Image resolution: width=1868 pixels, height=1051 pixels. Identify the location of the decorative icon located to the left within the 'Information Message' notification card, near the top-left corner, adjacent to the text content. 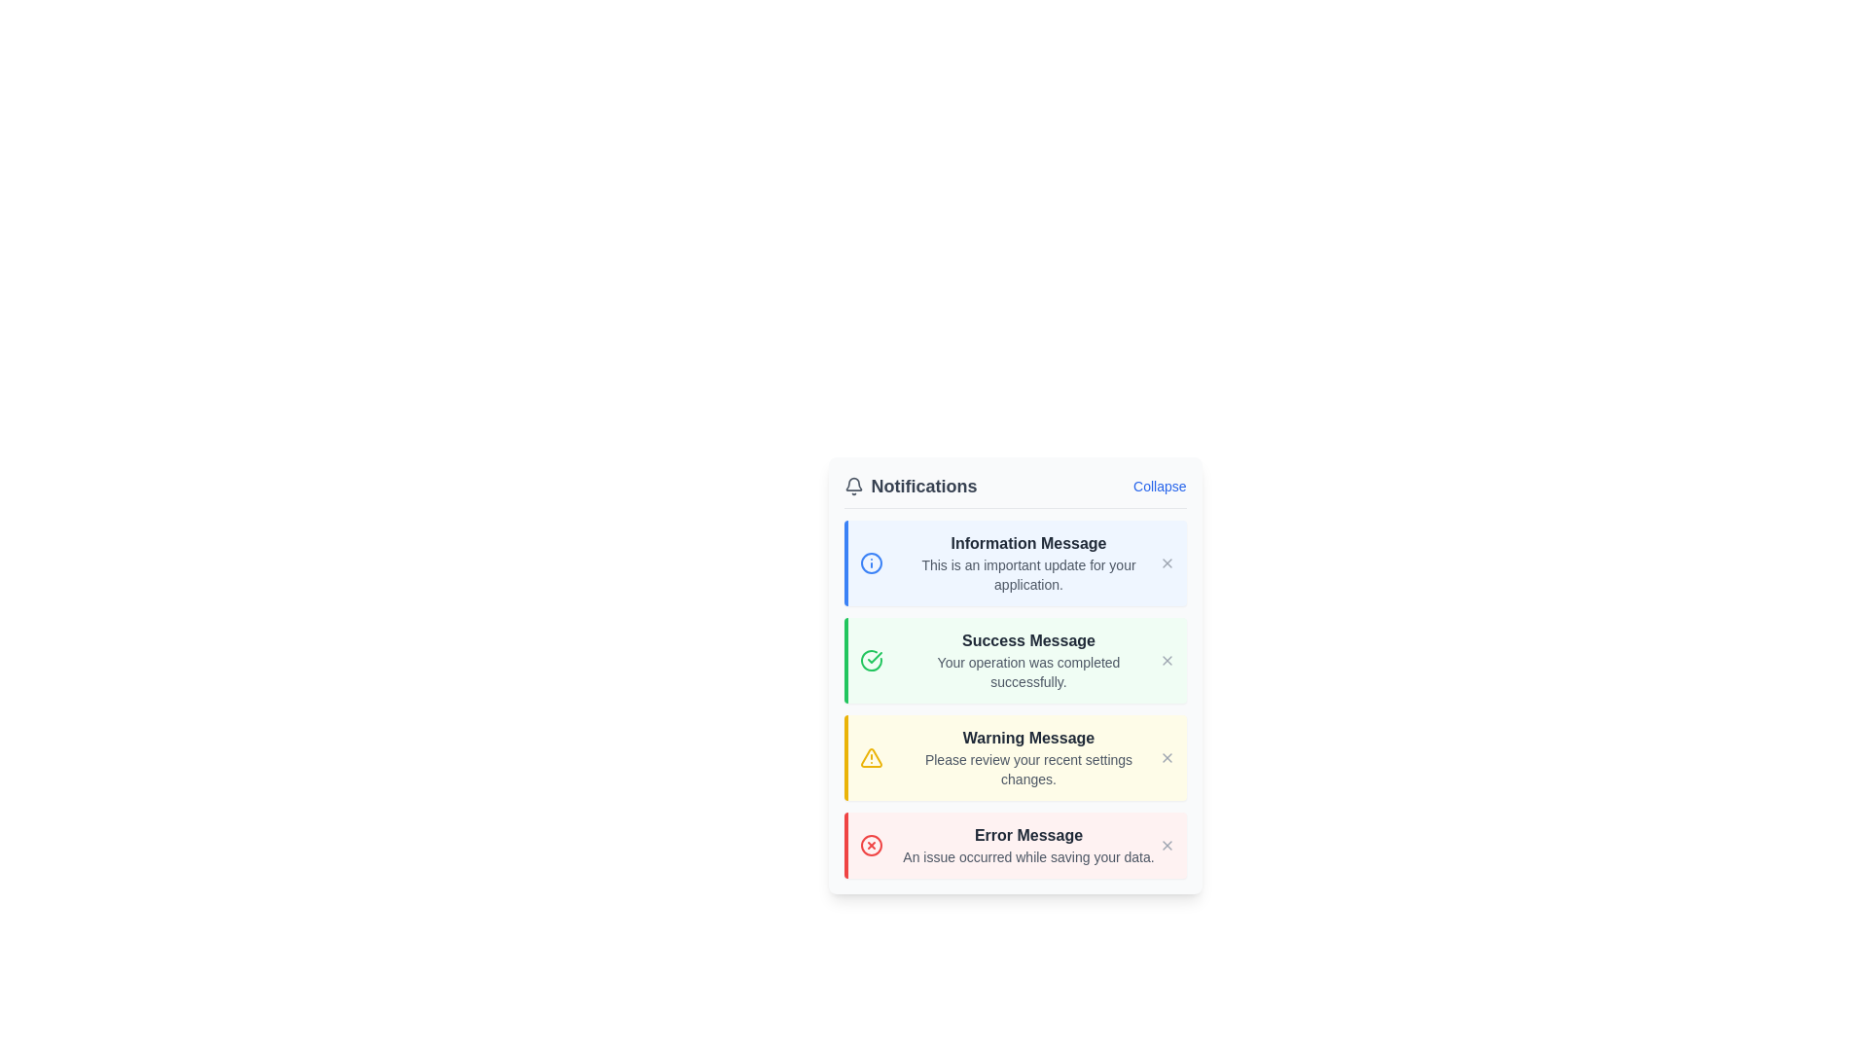
(870, 562).